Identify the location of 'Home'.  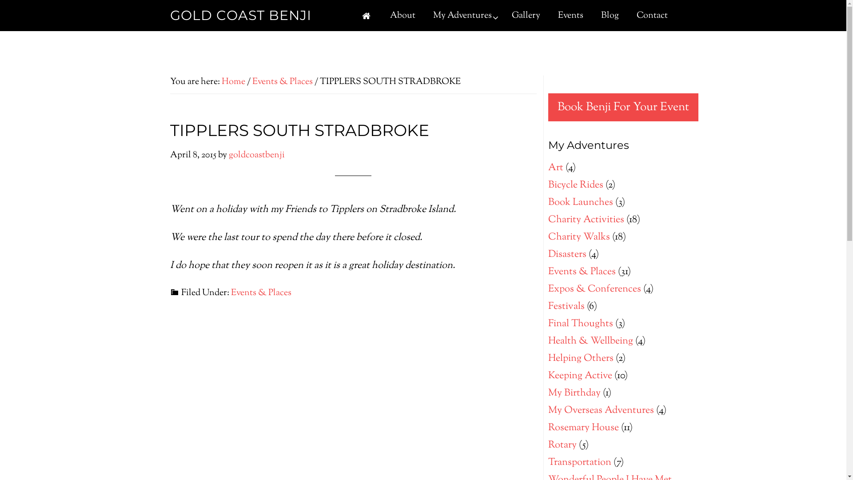
(221, 82).